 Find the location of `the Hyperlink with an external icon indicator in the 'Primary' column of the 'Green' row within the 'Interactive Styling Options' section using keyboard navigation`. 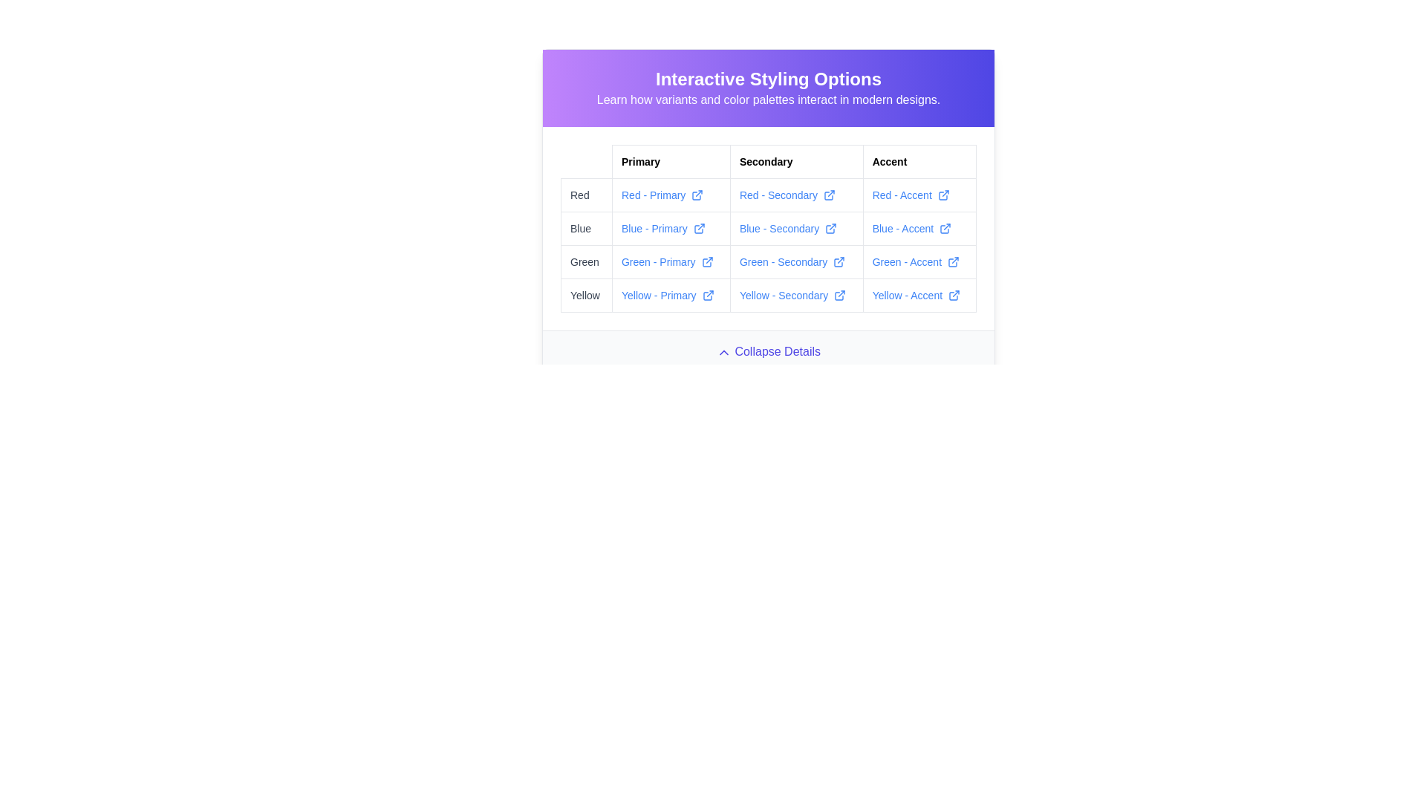

the Hyperlink with an external icon indicator in the 'Primary' column of the 'Green' row within the 'Interactive Styling Options' section using keyboard navigation is located at coordinates (666, 261).